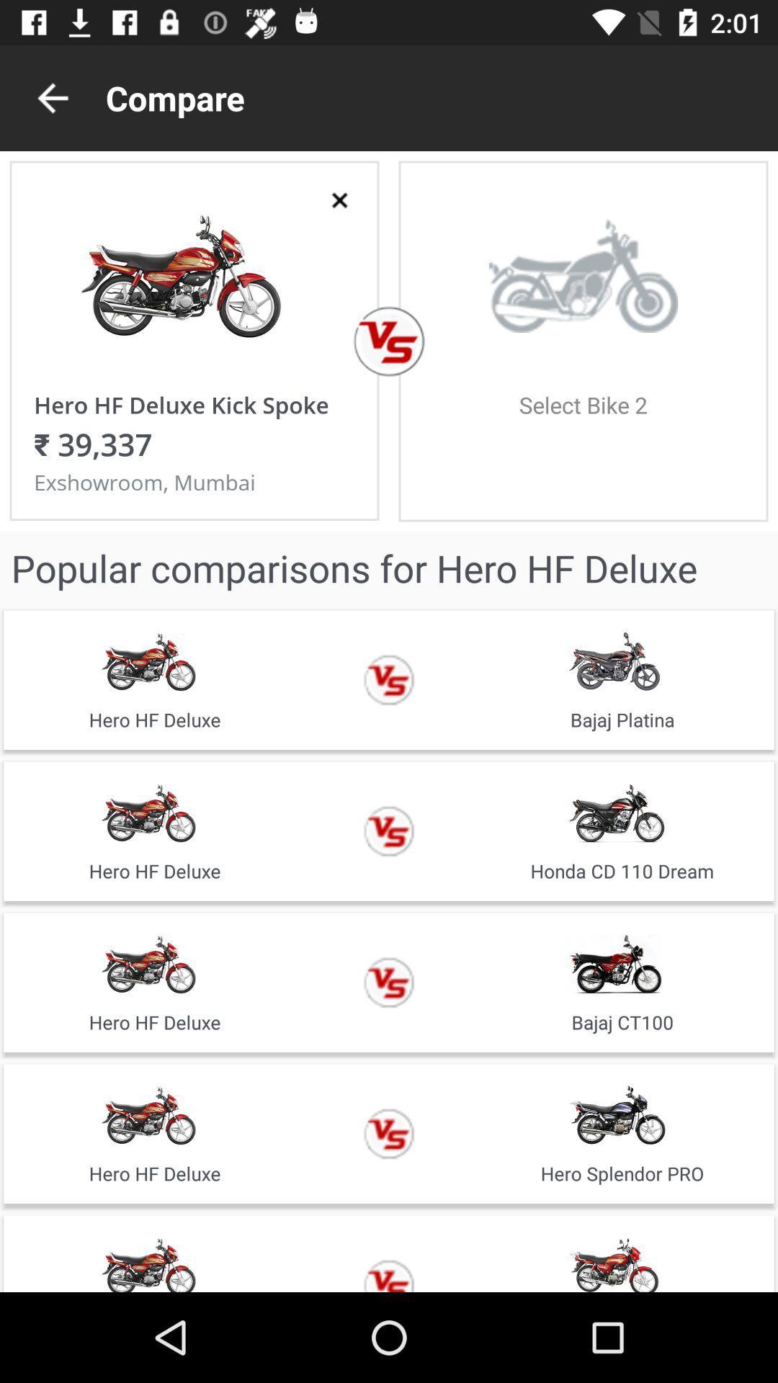 The image size is (778, 1383). What do you see at coordinates (339, 200) in the screenshot?
I see `window` at bounding box center [339, 200].